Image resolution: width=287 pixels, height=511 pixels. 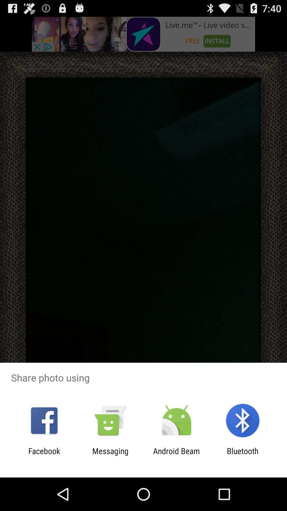 What do you see at coordinates (243, 455) in the screenshot?
I see `bluetooth app` at bounding box center [243, 455].